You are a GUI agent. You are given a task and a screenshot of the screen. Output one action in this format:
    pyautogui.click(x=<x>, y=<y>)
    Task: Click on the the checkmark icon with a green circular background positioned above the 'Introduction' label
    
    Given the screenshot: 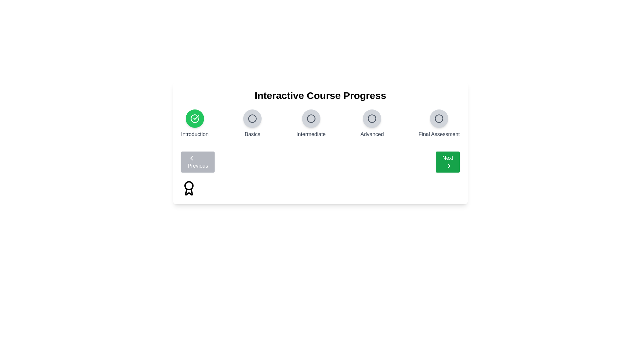 What is the action you would take?
    pyautogui.click(x=196, y=117)
    